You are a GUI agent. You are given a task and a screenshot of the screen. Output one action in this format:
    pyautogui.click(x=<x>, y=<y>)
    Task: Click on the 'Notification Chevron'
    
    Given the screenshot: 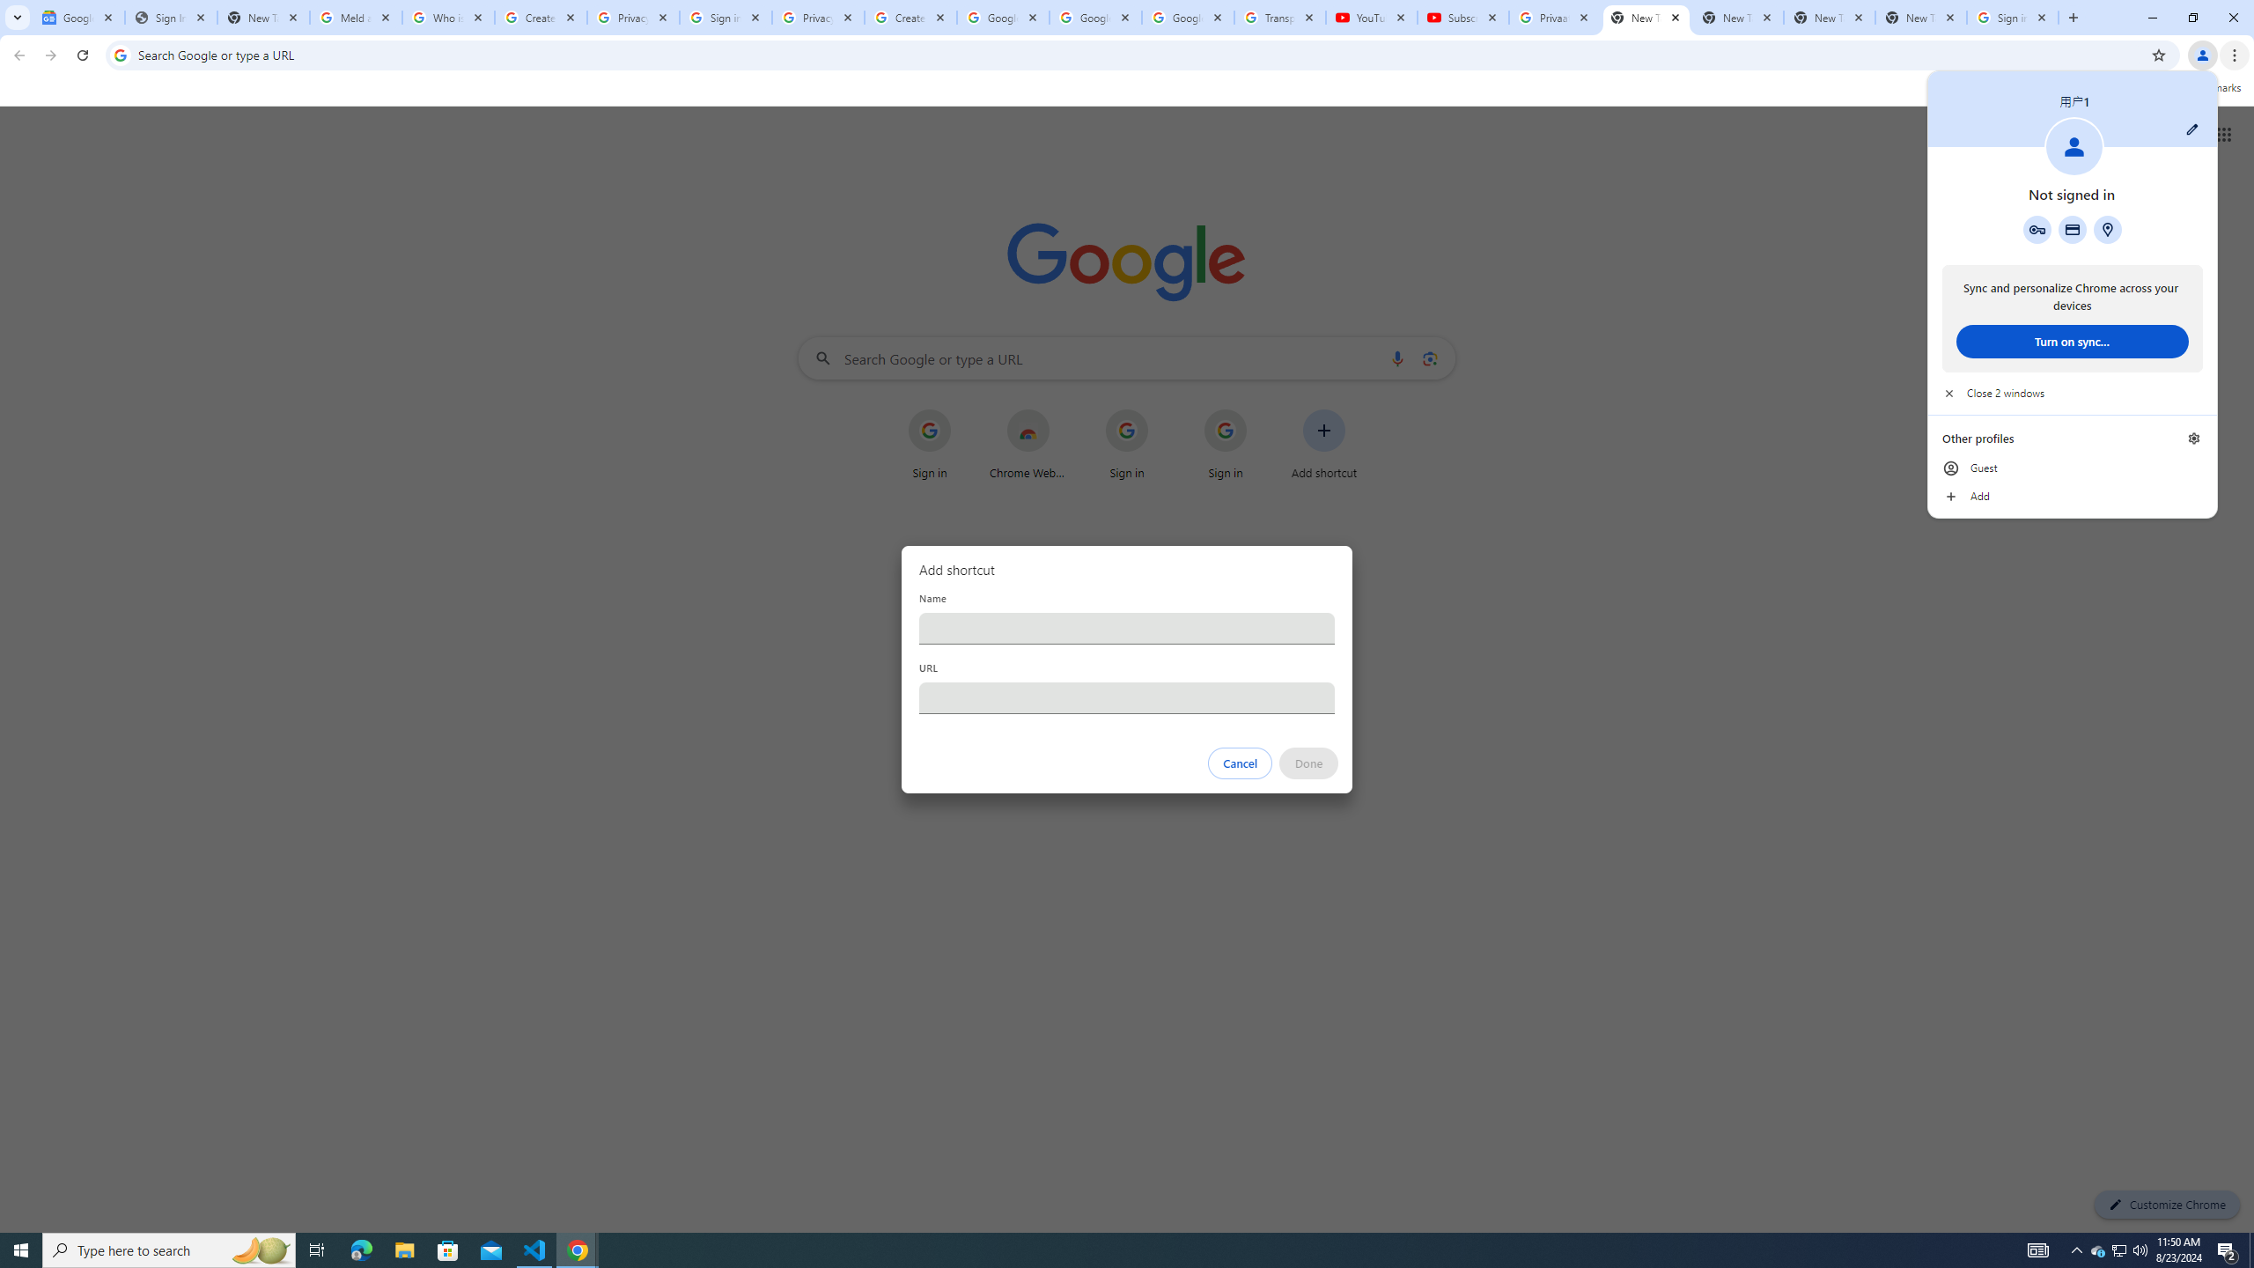 What is the action you would take?
    pyautogui.click(x=2077, y=1249)
    